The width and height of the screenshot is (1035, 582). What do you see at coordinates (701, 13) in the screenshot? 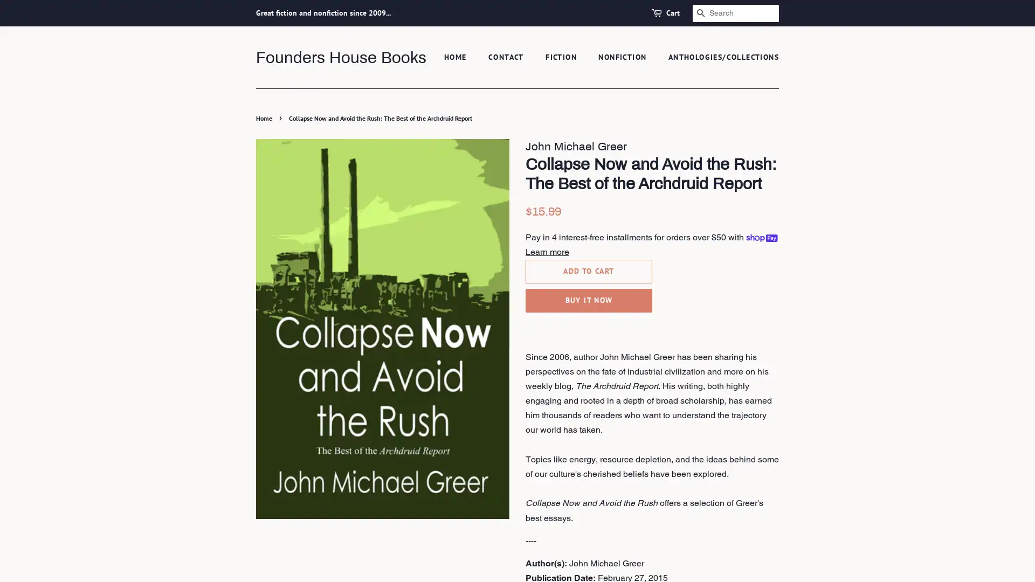
I see `SEARCH` at bounding box center [701, 13].